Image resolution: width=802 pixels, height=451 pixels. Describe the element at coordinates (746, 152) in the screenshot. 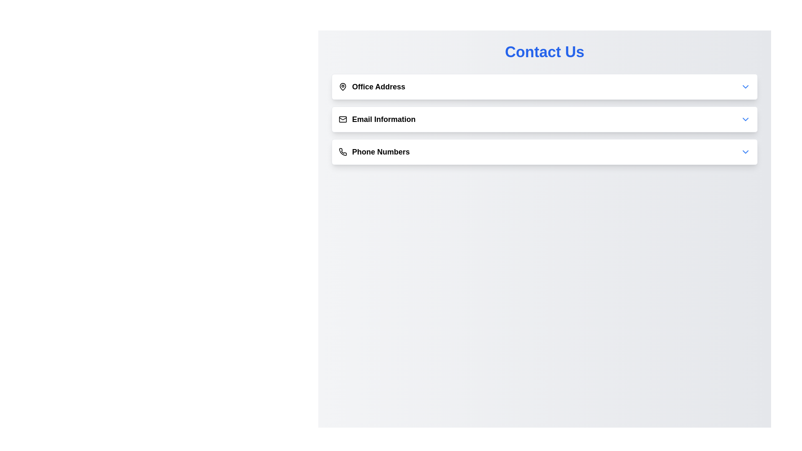

I see `the blue downward chevron icon located at the right end of the 'Phone Numbers' menu item` at that location.